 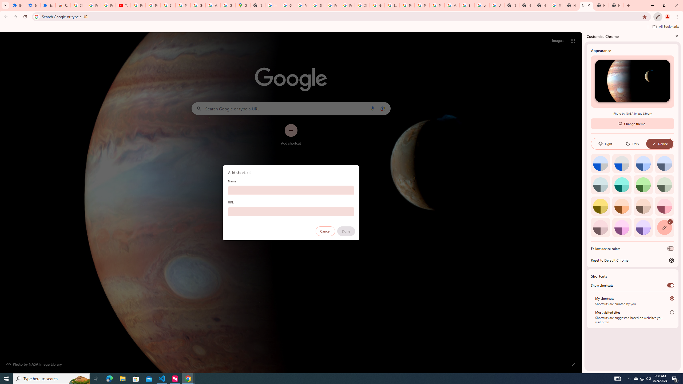 I want to click on 'My shortcuts', so click(x=672, y=298).